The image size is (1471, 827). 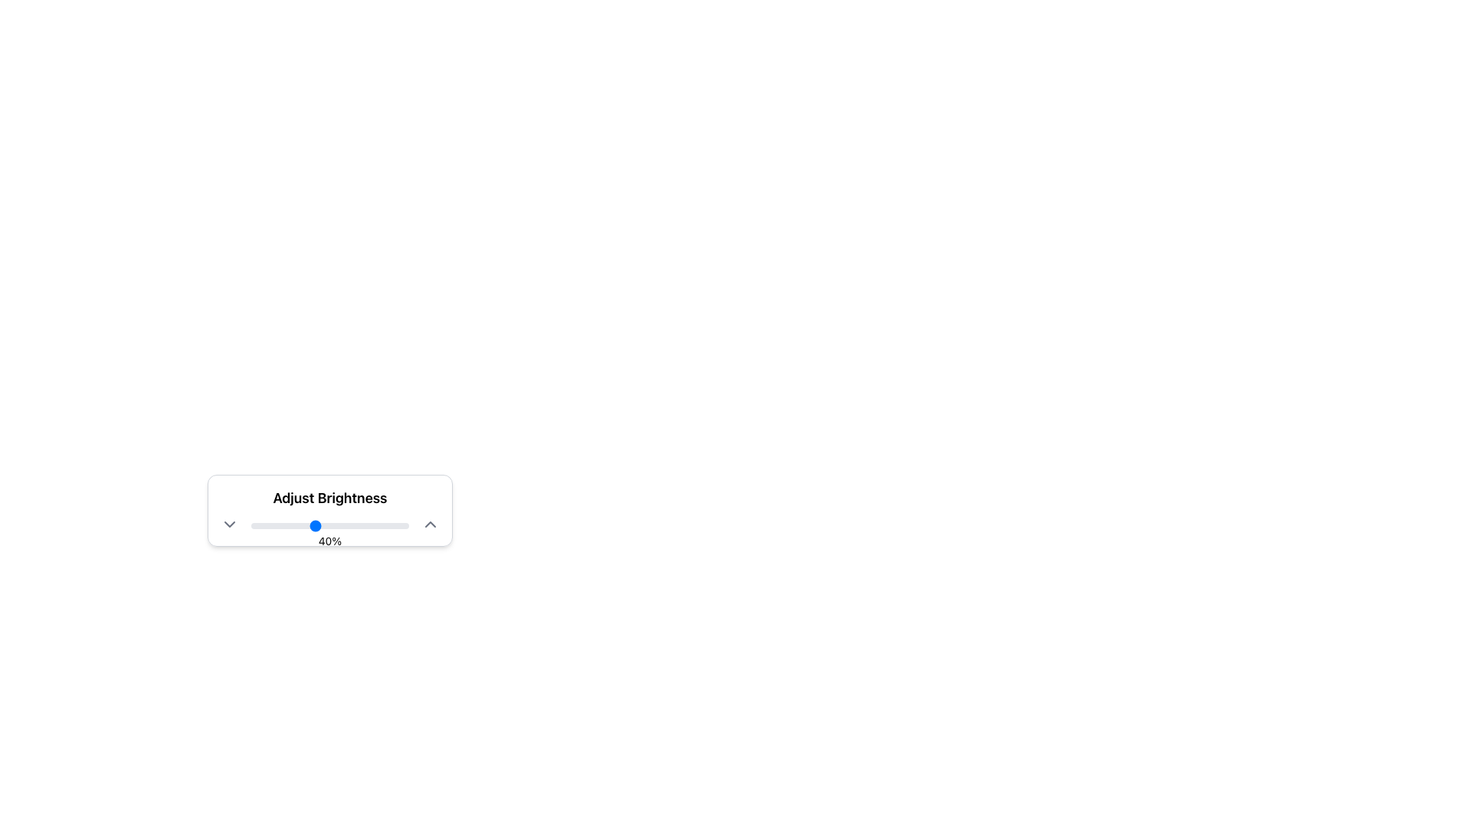 I want to click on the brightness, so click(x=368, y=525).